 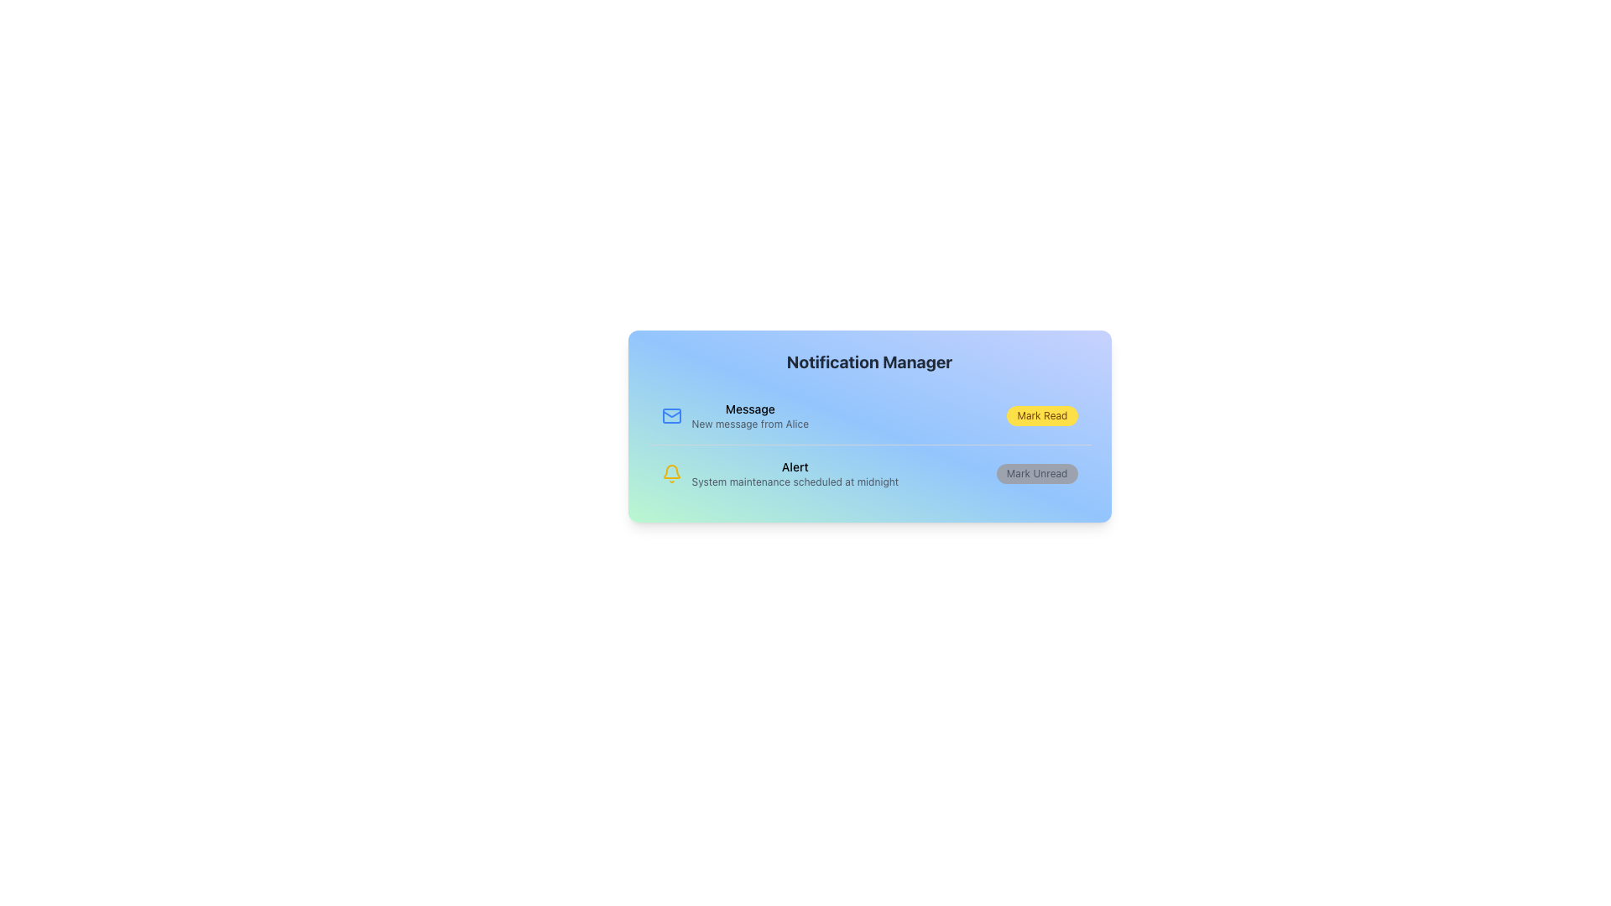 What do you see at coordinates (671, 415) in the screenshot?
I see `the decorative mail icon located at the top left of the 'Message' notification in the 'Notification Manager' panel` at bounding box center [671, 415].